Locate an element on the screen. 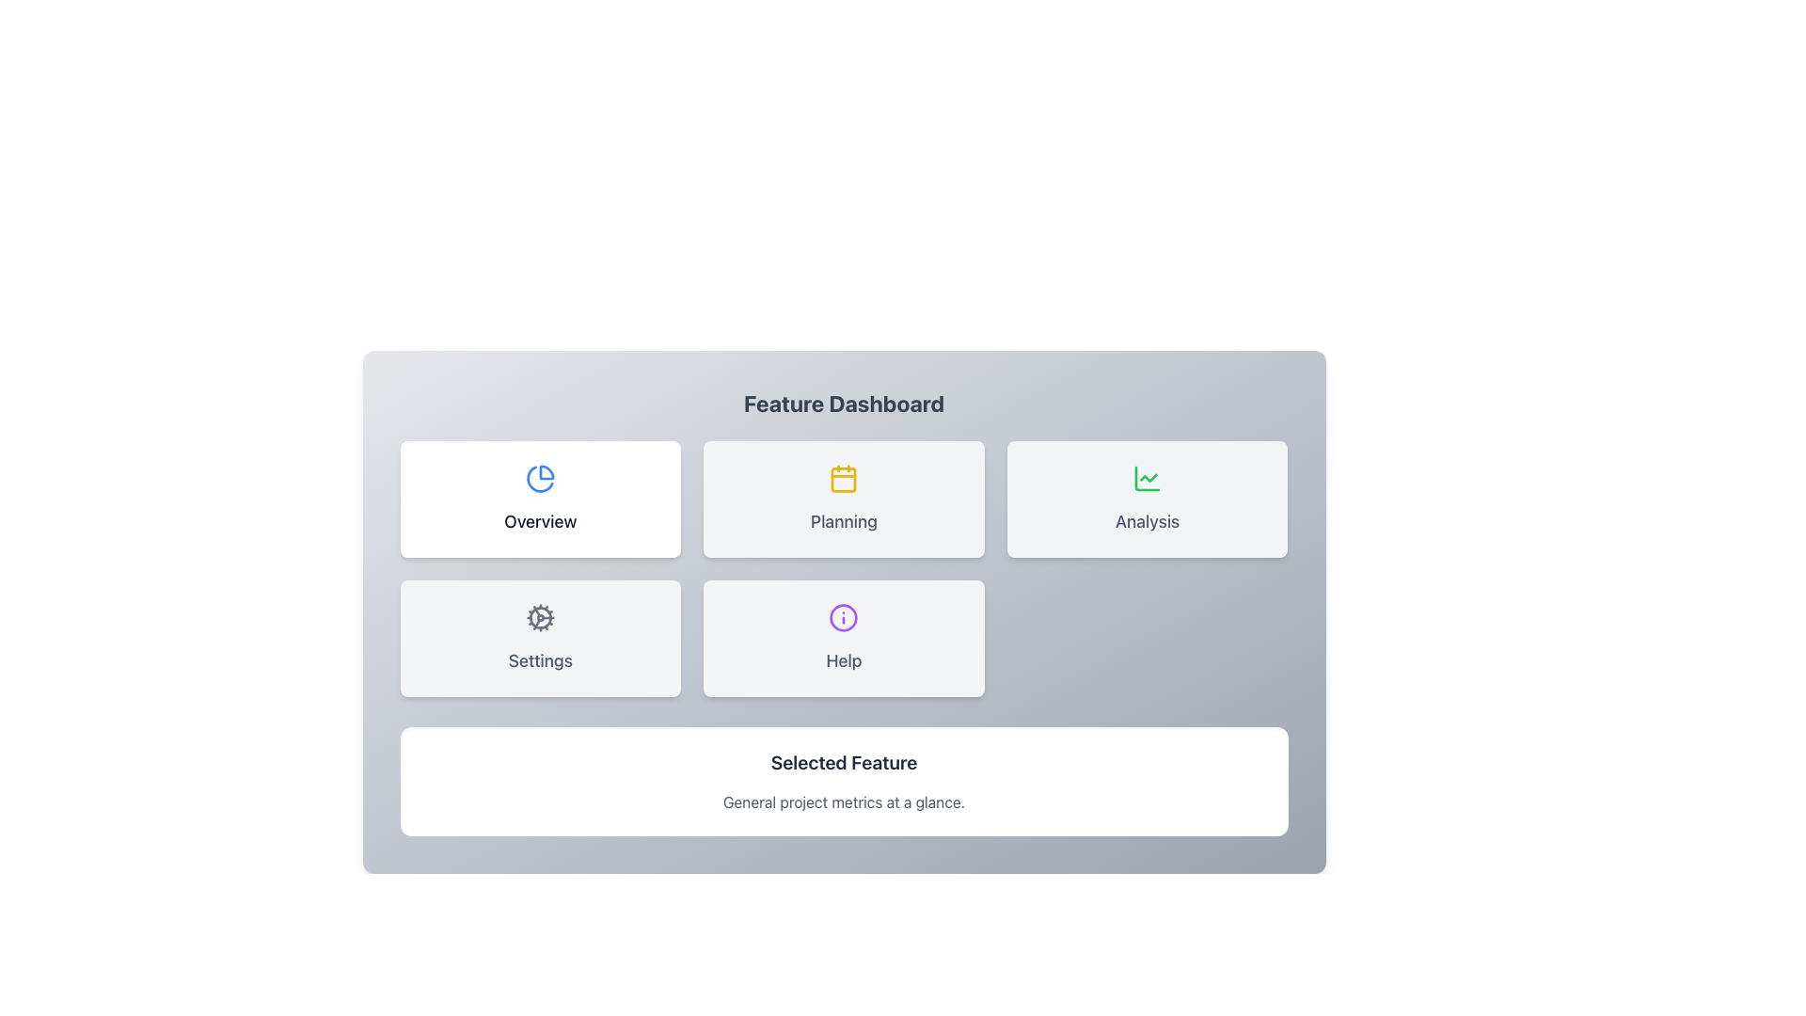 The width and height of the screenshot is (1806, 1016). the Decorative Icon located in the 'Help' interactive box, positioned at the bottom-middle section of the interface to provide guidance or additional information is located at coordinates (843, 617).